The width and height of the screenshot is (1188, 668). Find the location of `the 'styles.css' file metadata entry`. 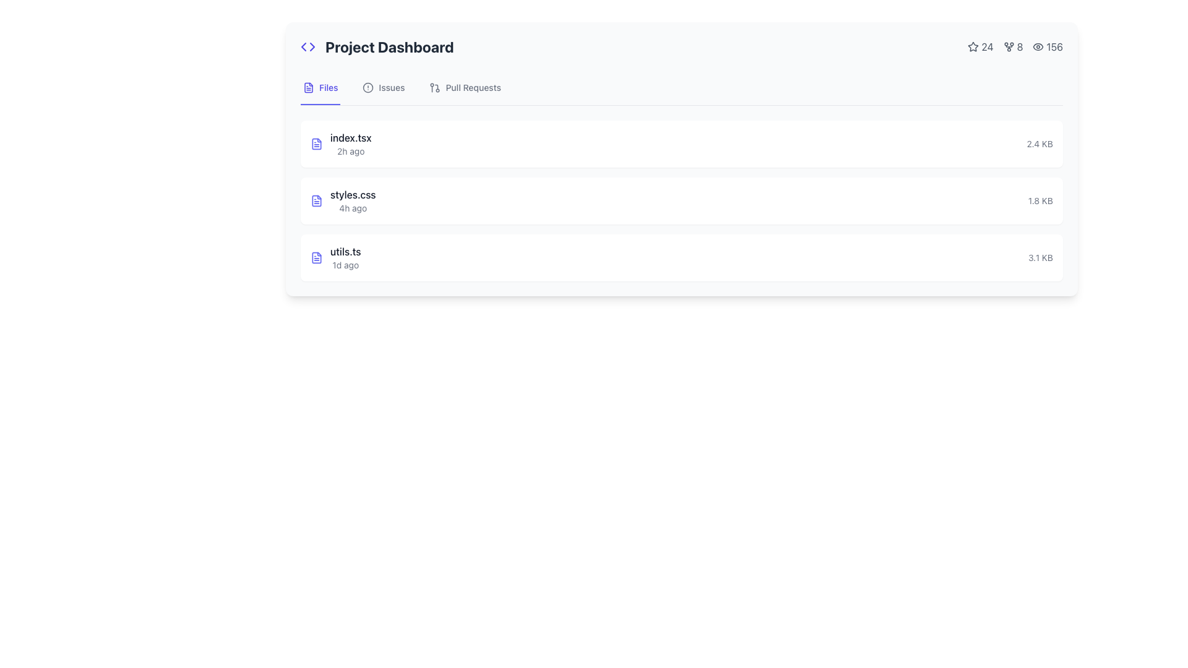

the 'styles.css' file metadata entry is located at coordinates (343, 200).